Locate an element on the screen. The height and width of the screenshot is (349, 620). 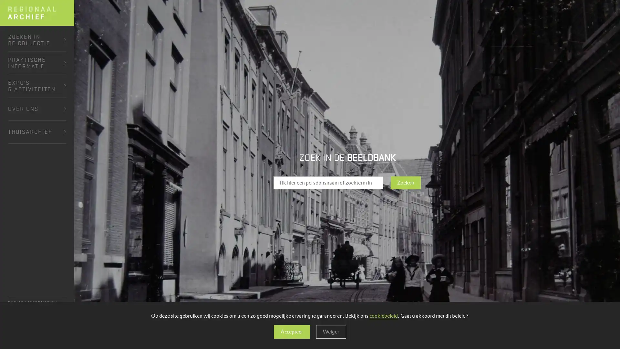
Weiger is located at coordinates (331, 332).